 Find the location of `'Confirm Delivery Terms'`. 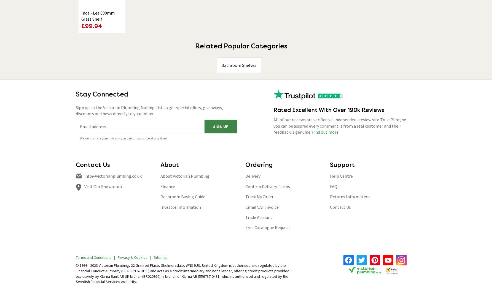

'Confirm Delivery Terms' is located at coordinates (245, 186).